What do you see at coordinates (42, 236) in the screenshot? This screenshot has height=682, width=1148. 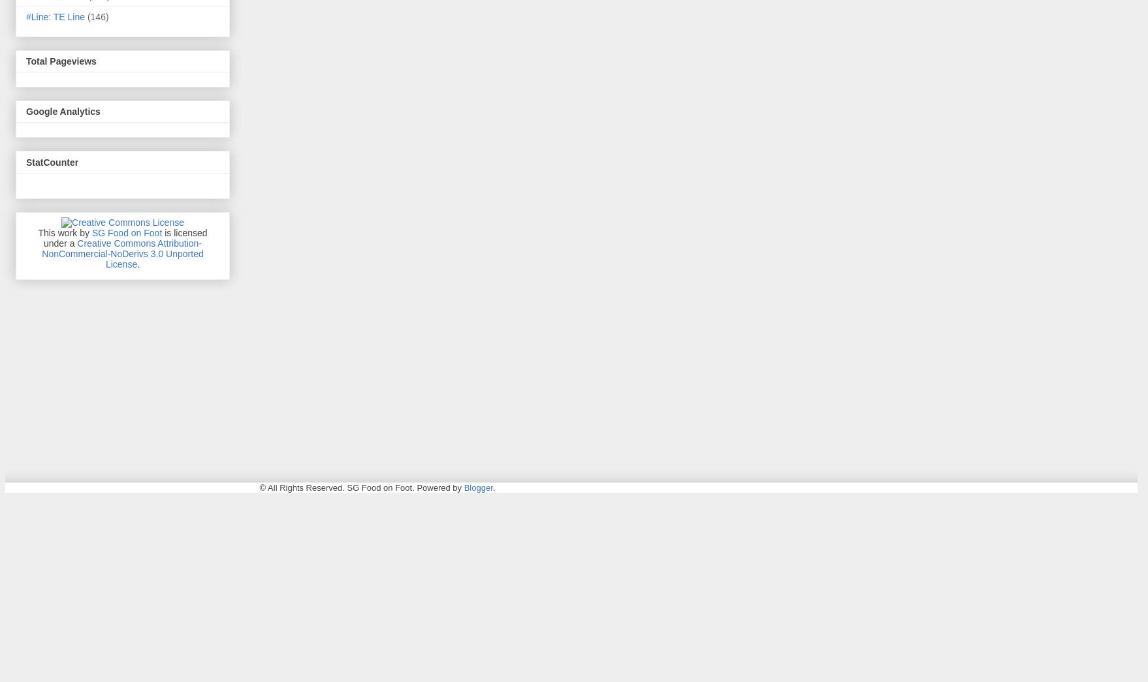 I see `'is licensed under a'` at bounding box center [42, 236].